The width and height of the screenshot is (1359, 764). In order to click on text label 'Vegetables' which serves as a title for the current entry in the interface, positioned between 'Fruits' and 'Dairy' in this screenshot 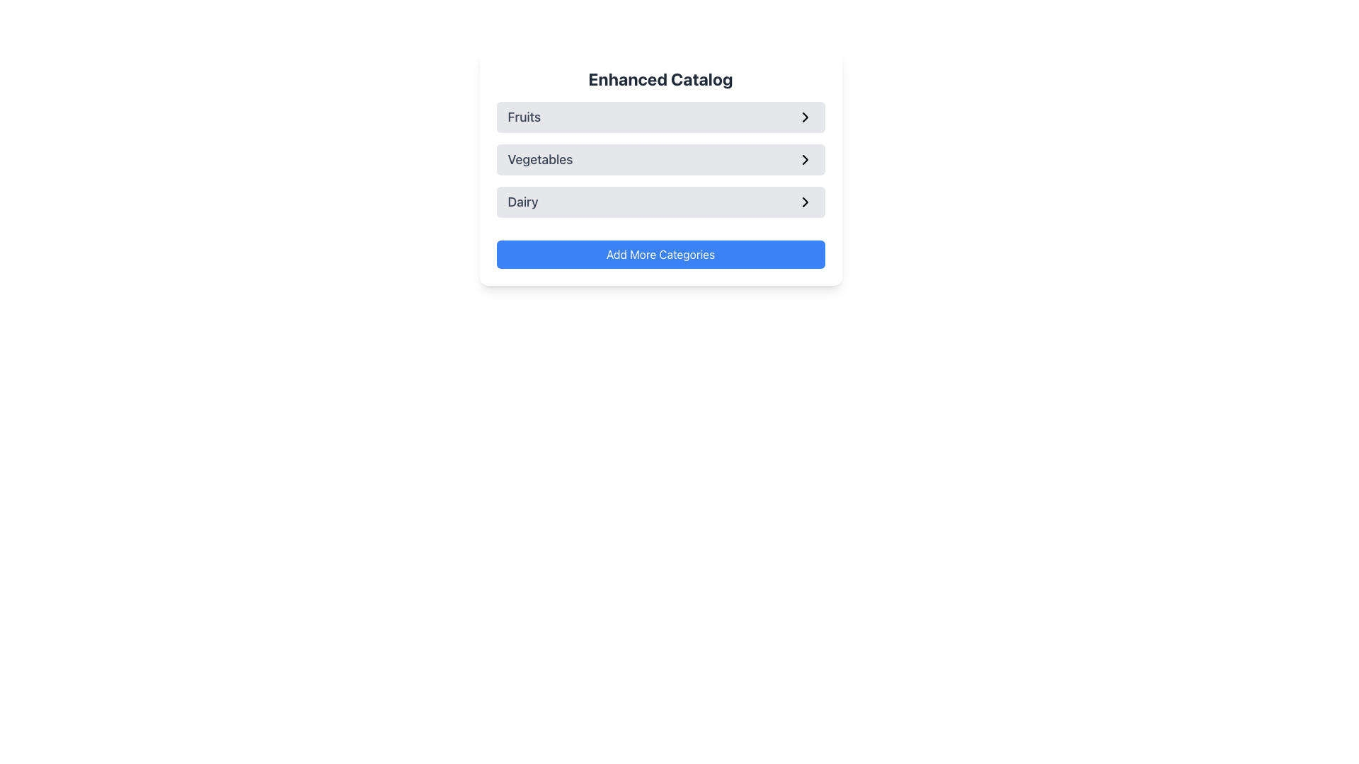, I will do `click(539, 159)`.